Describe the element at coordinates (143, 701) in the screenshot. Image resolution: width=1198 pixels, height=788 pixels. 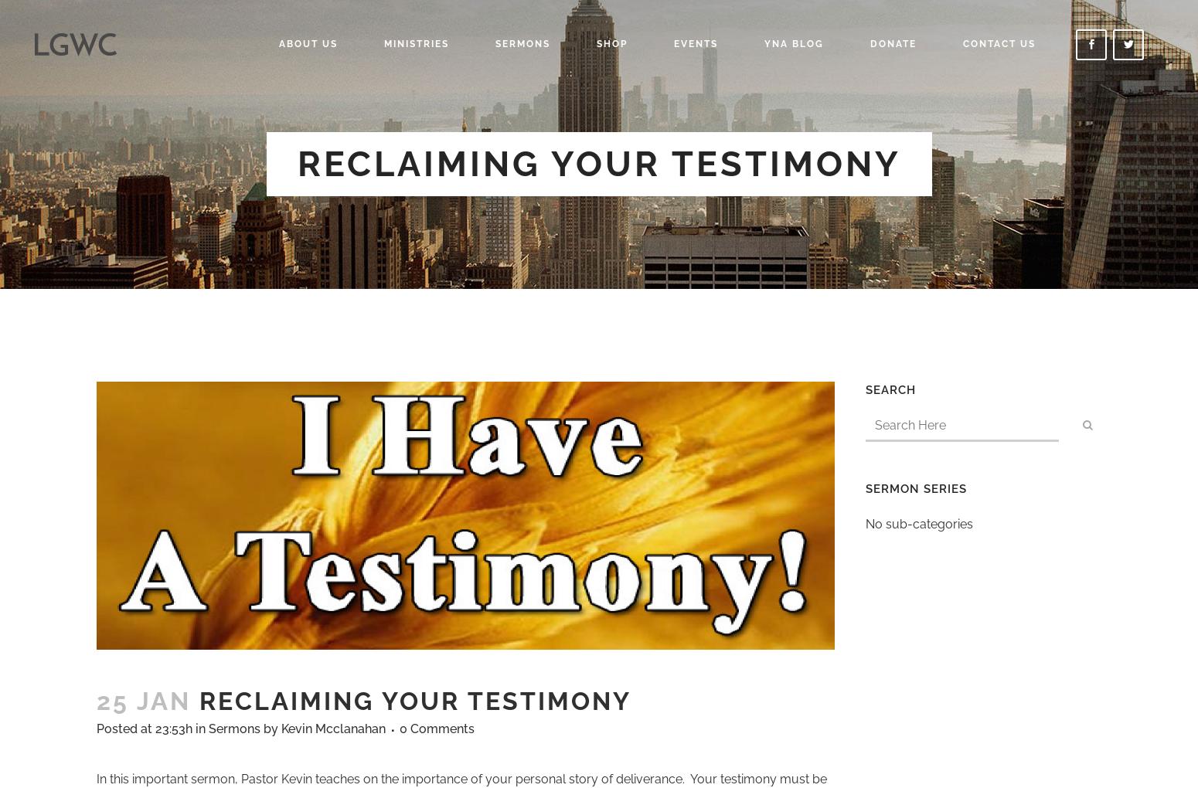
I see `'25 Jan'` at that location.